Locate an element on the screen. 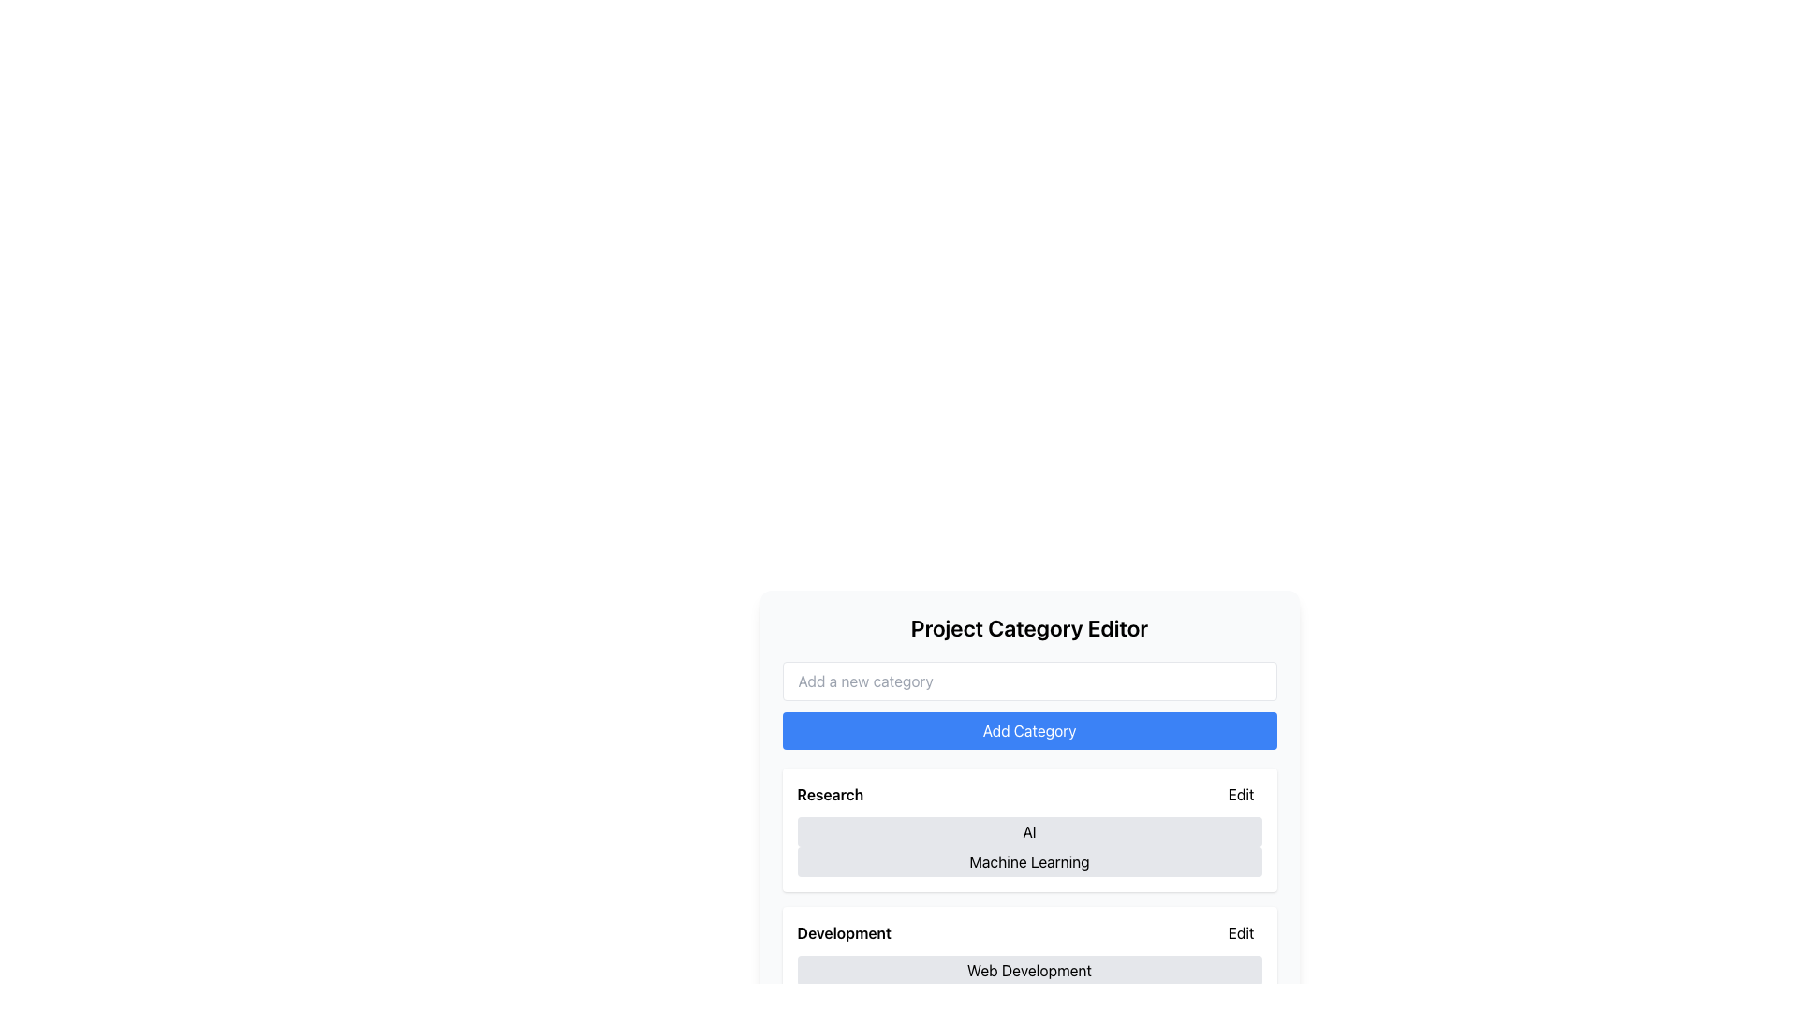 This screenshot has height=1011, width=1798. the 'Edit' button styled in black text on a white background located in the bottom right corner of the 'Development' section is located at coordinates (1241, 932).